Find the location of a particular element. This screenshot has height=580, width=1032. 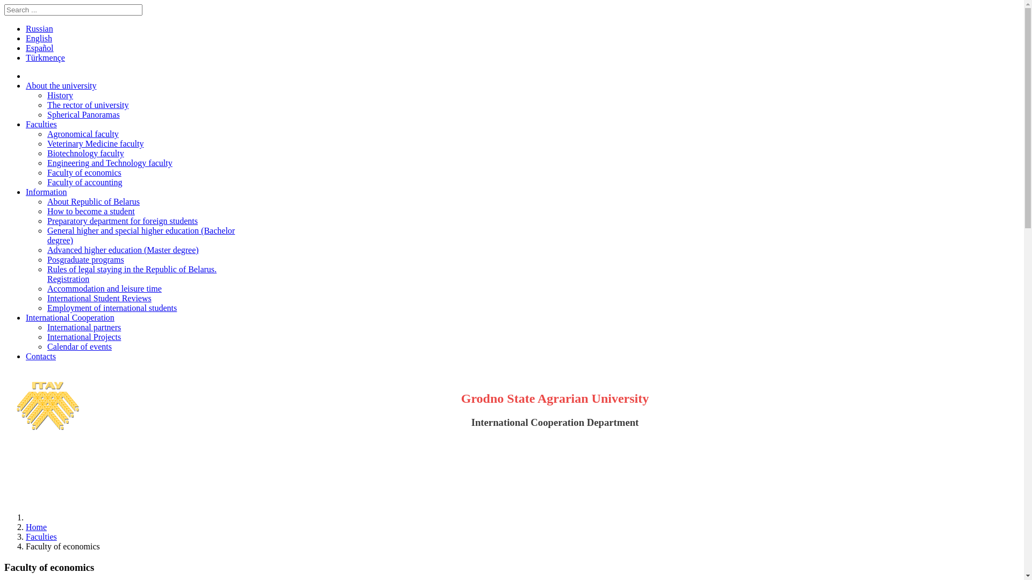

'Posgraduate programs' is located at coordinates (85, 259).